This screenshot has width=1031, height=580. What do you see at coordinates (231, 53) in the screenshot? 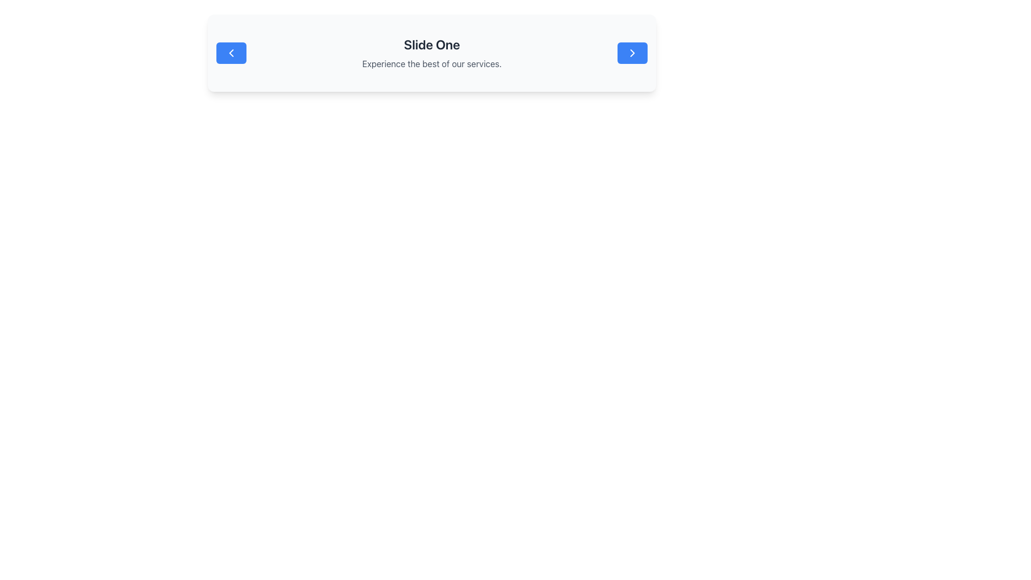
I see `the leftmost navigation button in the carousel interface` at bounding box center [231, 53].